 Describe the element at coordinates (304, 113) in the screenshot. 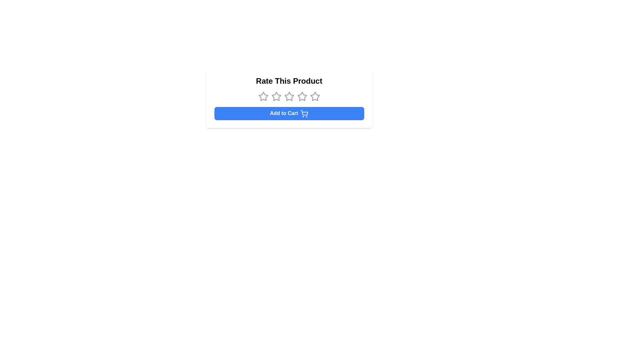

I see `the shopping cart icon located on the blue rectangular 'Add to Cart' button, which is positioned near the lower section of the interface` at that location.